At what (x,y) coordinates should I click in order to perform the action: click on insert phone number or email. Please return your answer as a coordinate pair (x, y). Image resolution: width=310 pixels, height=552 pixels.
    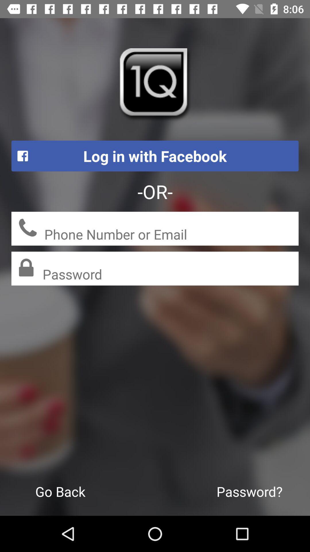
    Looking at the image, I should click on (171, 235).